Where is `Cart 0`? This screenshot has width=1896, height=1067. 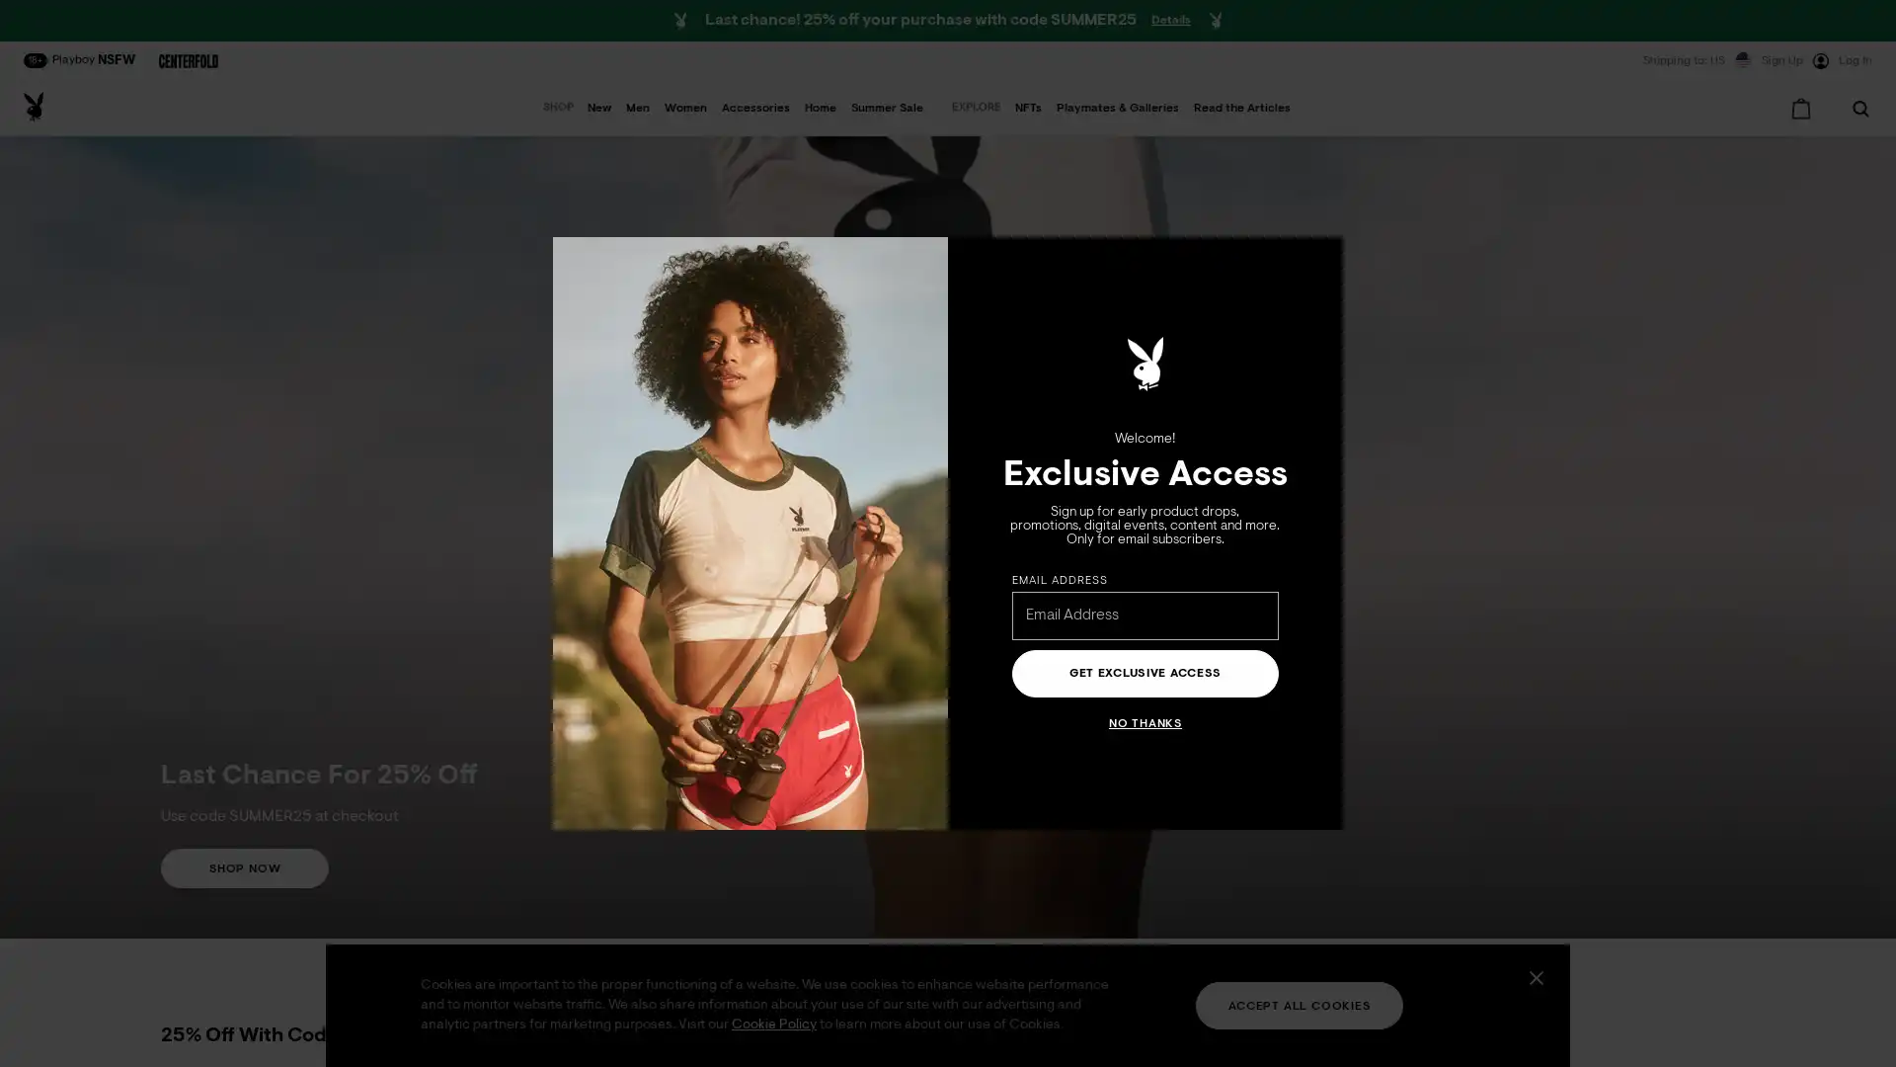 Cart 0 is located at coordinates (1801, 109).